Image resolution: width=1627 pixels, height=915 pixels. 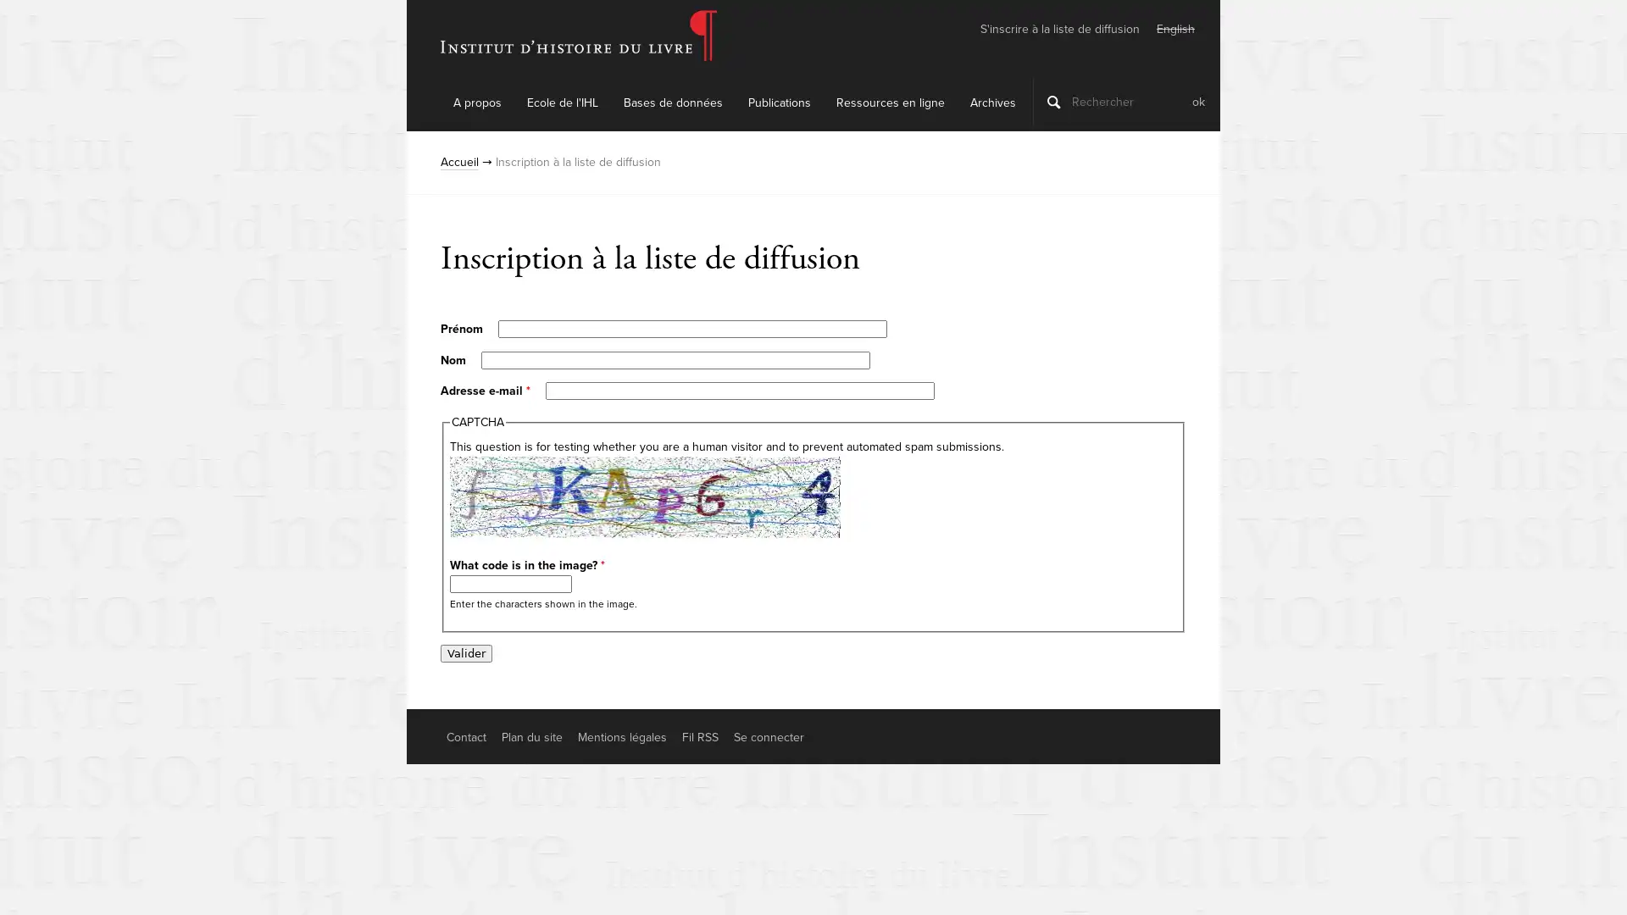 What do you see at coordinates (466, 652) in the screenshot?
I see `Valider` at bounding box center [466, 652].